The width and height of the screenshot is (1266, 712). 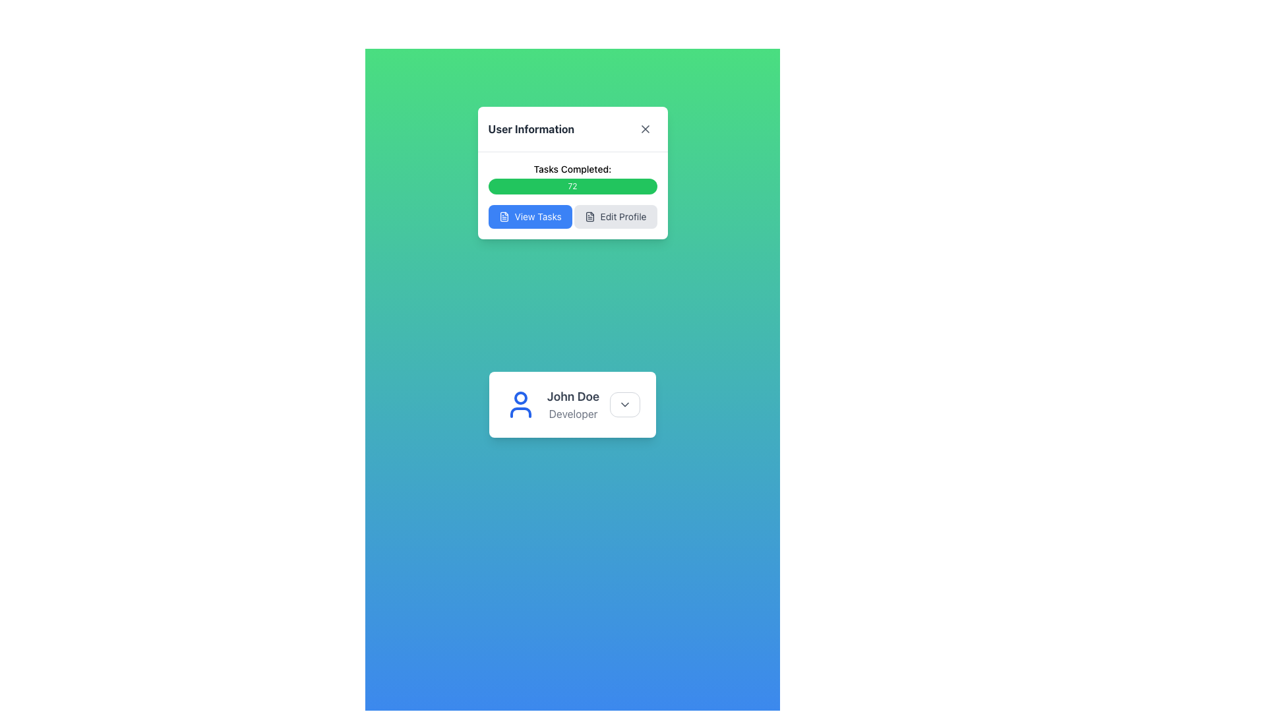 I want to click on close icon located in the top-right corner of the 'User Information' card for debugging purposes, so click(x=645, y=129).